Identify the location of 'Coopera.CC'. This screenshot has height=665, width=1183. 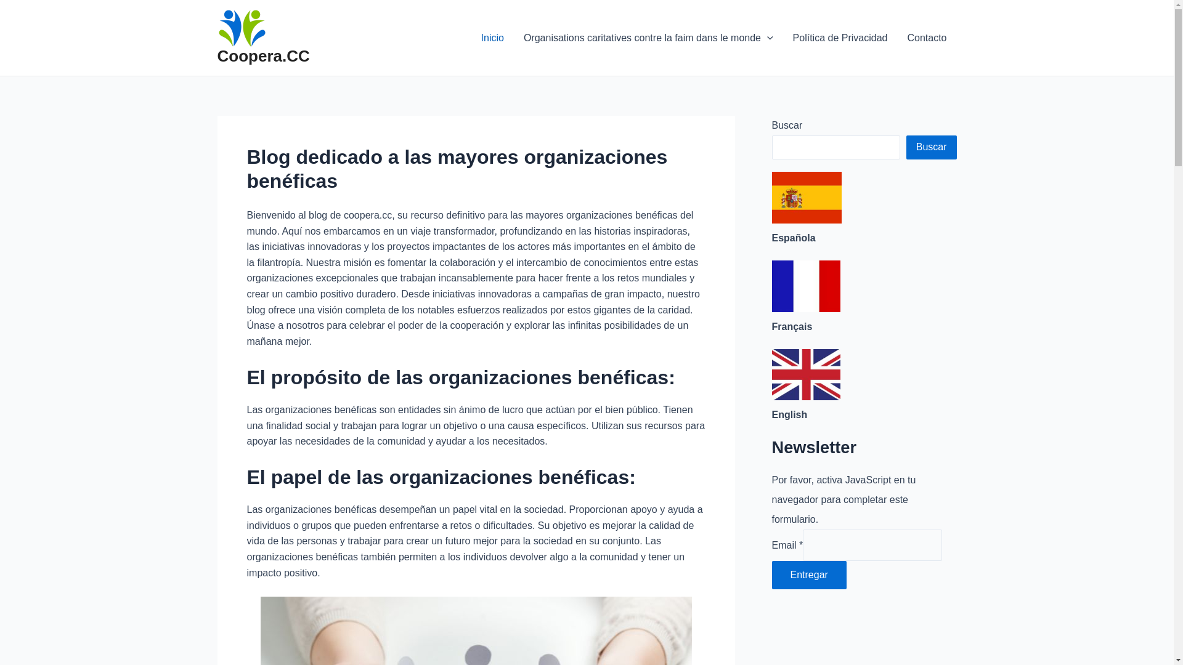
(262, 56).